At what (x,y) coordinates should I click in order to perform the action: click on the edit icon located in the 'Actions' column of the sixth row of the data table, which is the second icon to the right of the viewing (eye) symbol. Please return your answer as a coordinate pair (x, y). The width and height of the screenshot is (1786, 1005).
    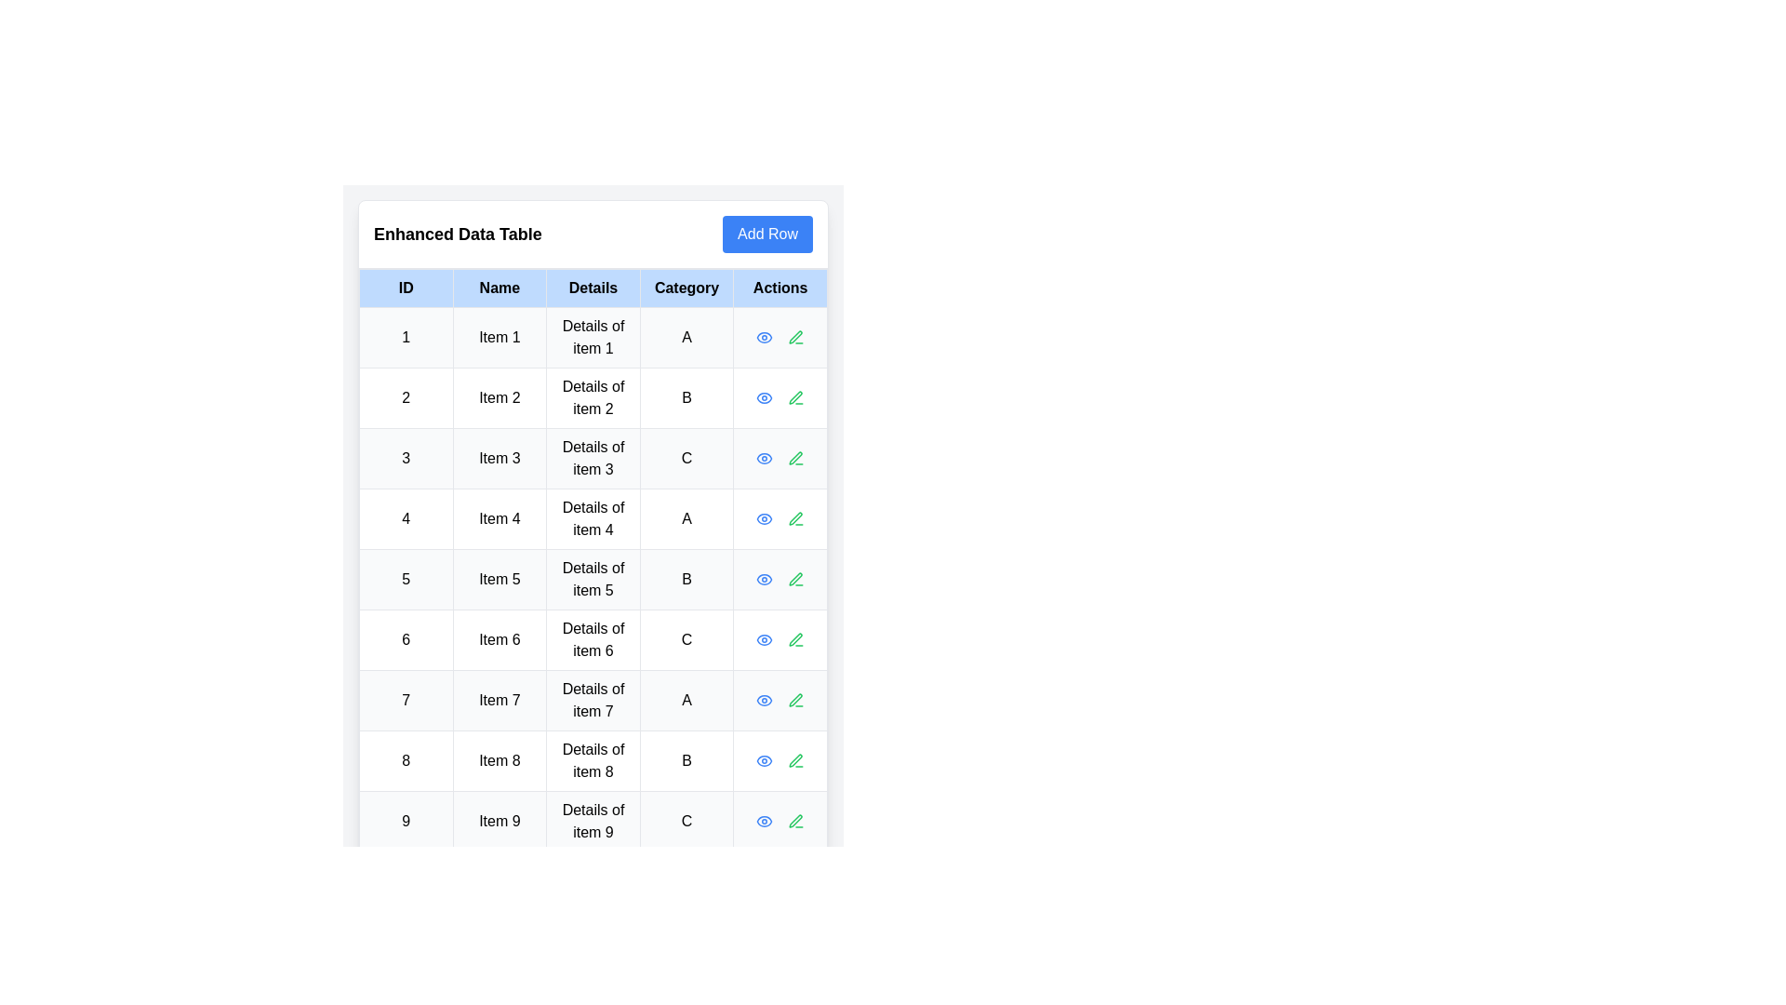
    Looking at the image, I should click on (795, 638).